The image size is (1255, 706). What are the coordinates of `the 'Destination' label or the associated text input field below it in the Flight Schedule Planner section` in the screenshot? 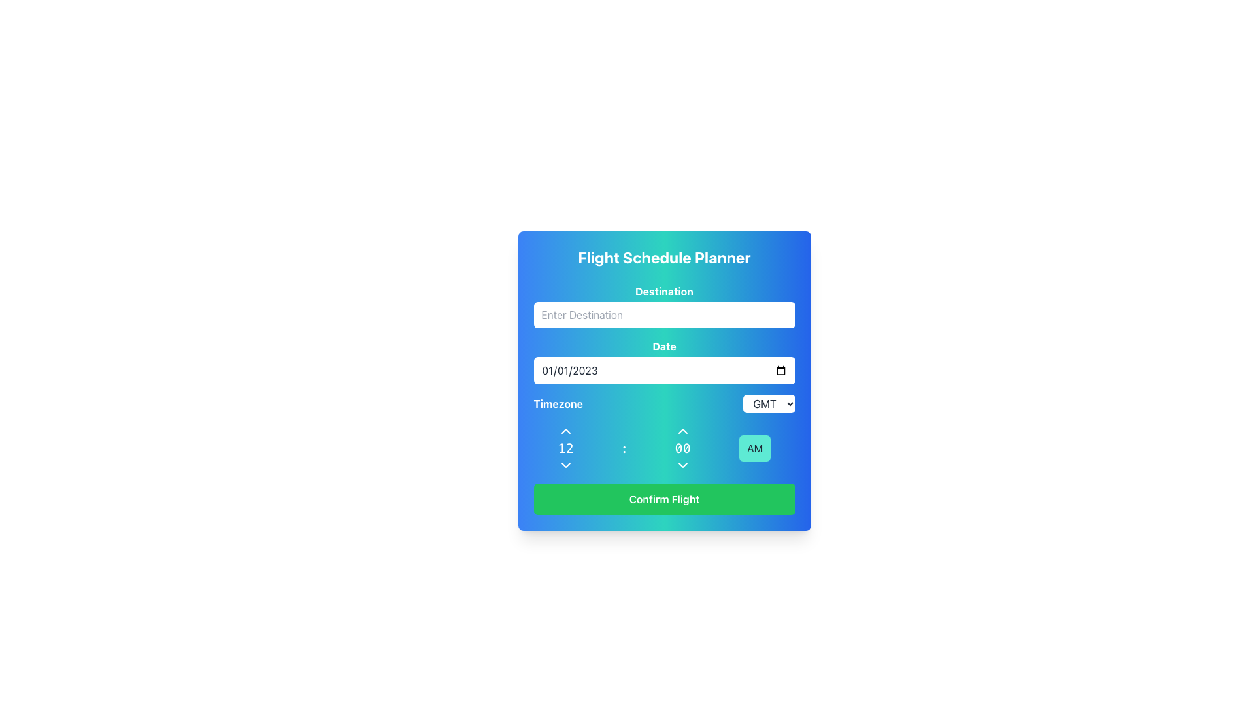 It's located at (664, 305).